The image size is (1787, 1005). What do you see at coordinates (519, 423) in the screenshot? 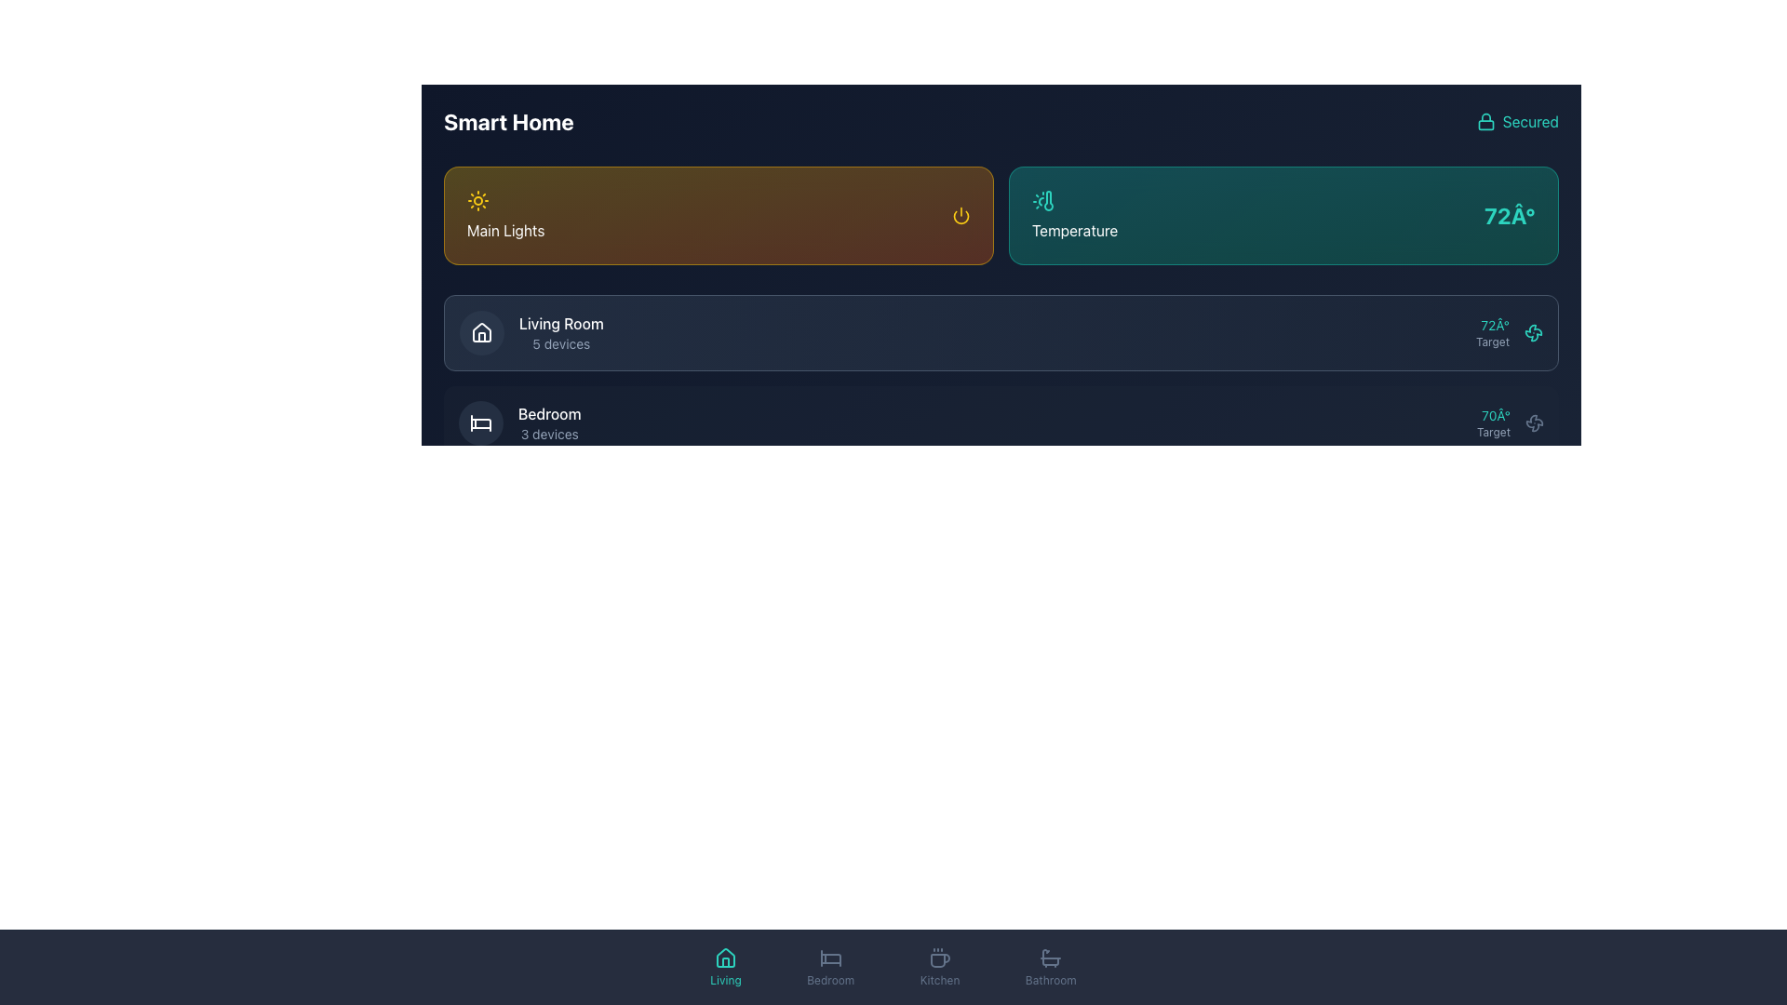
I see `the List item representing the summary of devices associated with the 'Bedroom' area` at bounding box center [519, 423].